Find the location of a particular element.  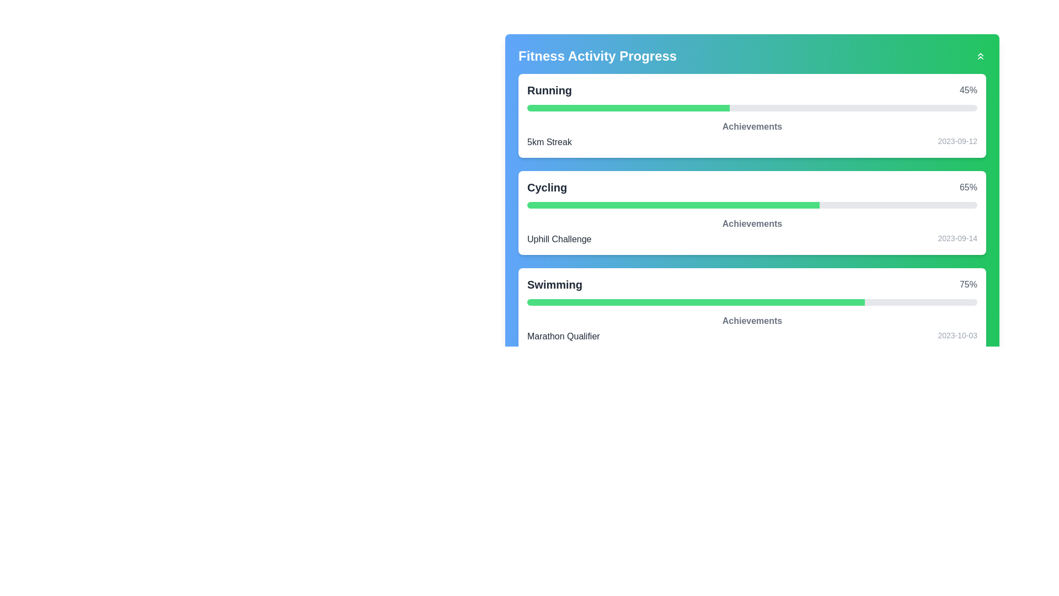

the achievements section label for the 'Cycling' activity, which is located in the second card of the interface, just above 'Uphill Challenge' is located at coordinates (751, 223).